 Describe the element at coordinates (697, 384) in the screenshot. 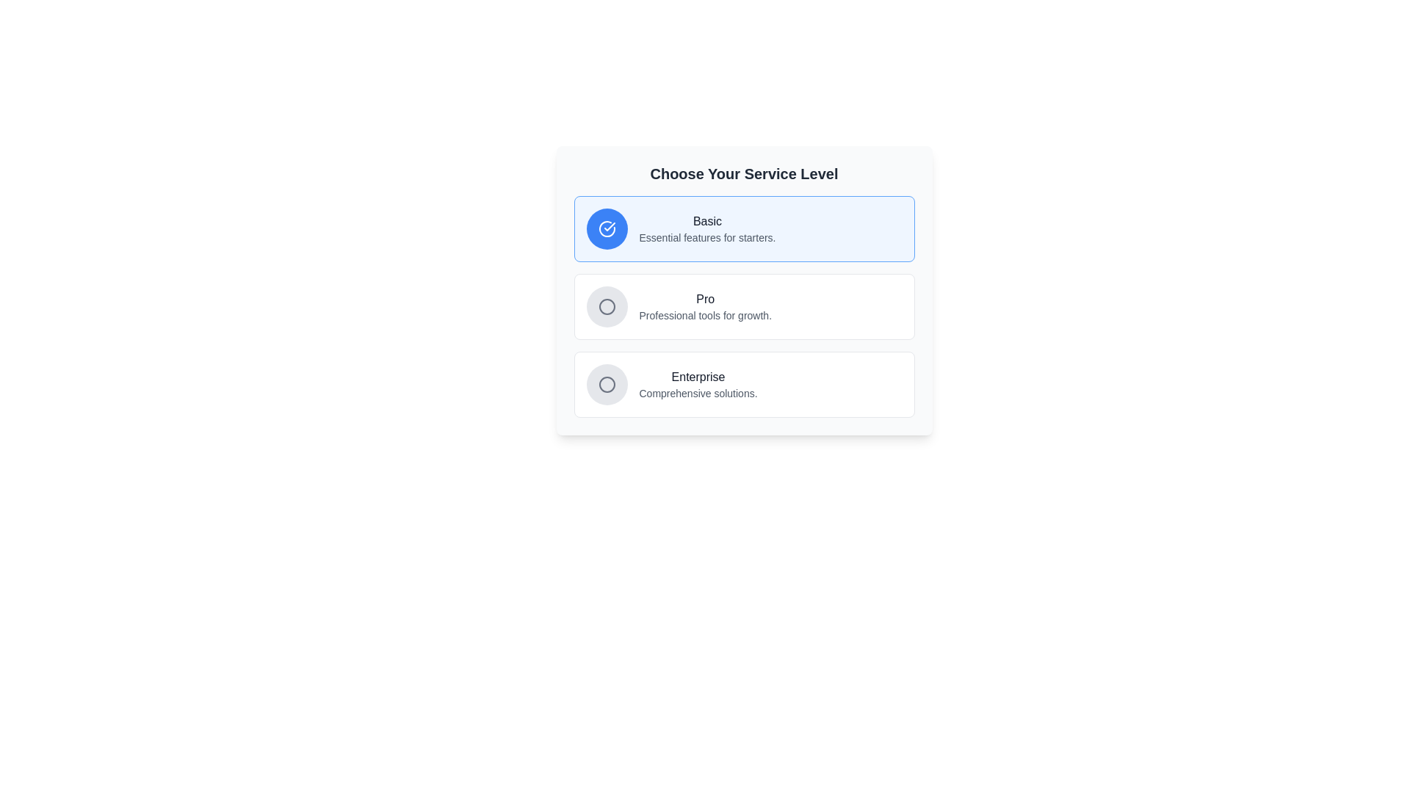

I see `text of the 'Enterprise' service level option, which is the third item in a vertical list below 'Basic' and 'Pro'` at that location.